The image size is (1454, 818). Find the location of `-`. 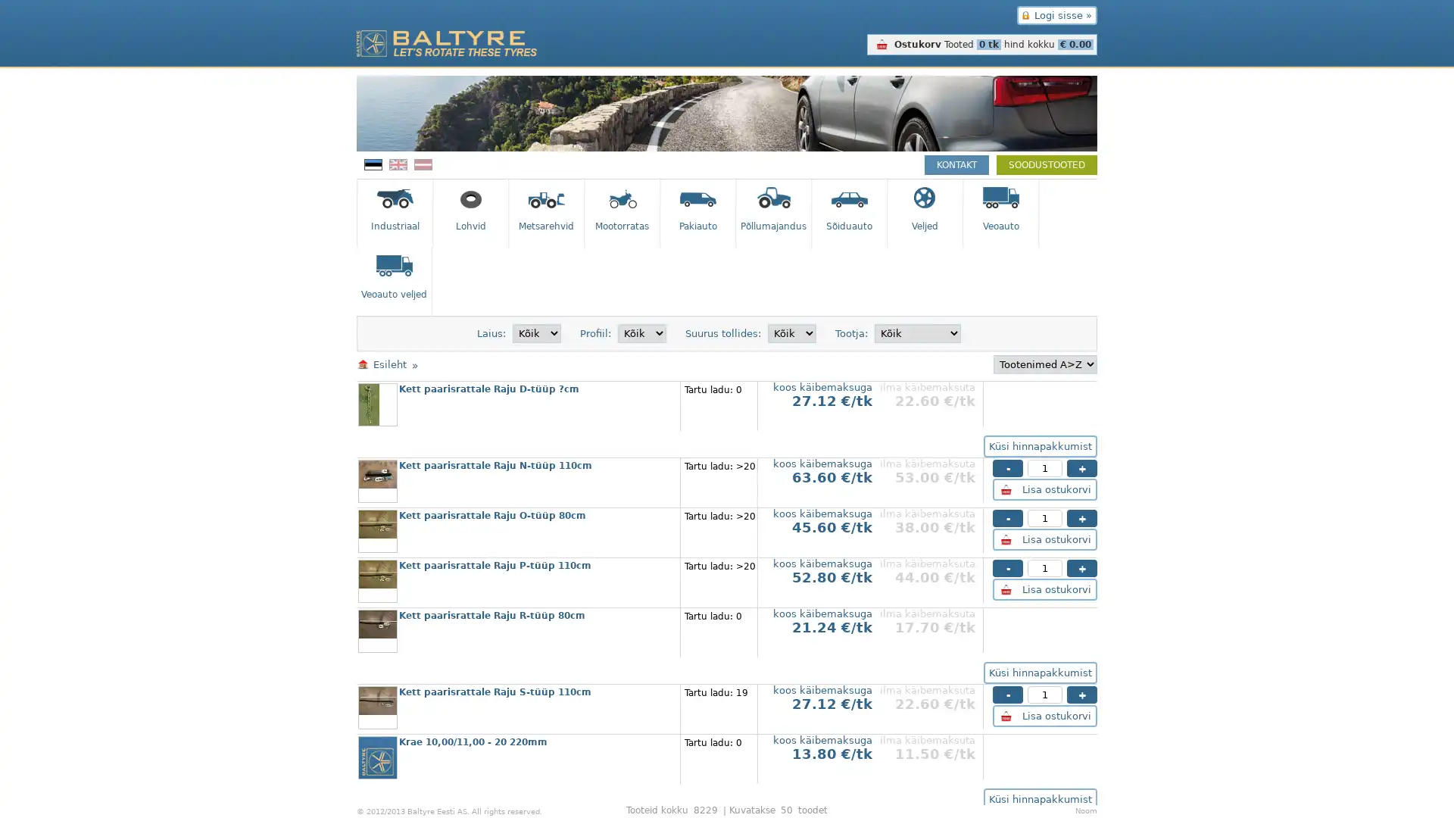

- is located at coordinates (1007, 568).